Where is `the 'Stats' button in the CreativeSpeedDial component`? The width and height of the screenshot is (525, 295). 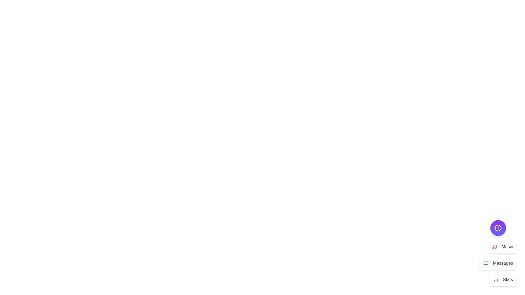 the 'Stats' button in the CreativeSpeedDial component is located at coordinates (503, 279).